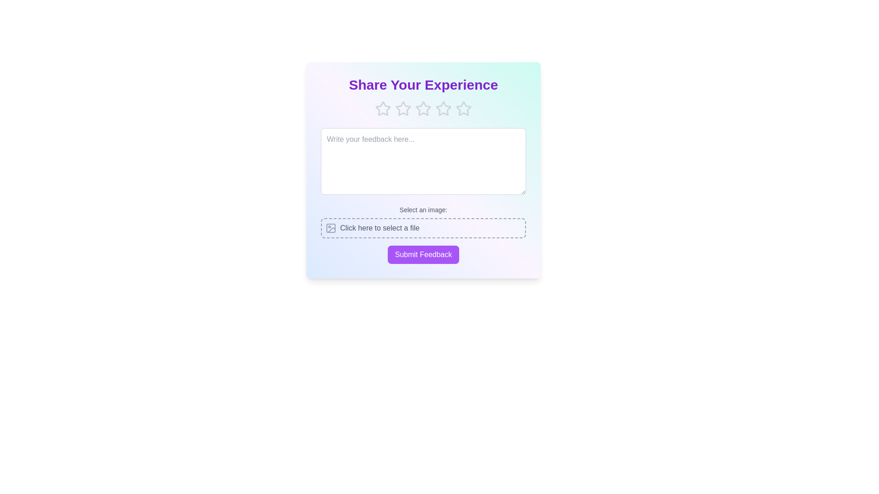 The width and height of the screenshot is (879, 494). Describe the element at coordinates (423, 227) in the screenshot. I see `the area labeled 'Click here to select a file' to initiate the file selection process` at that location.